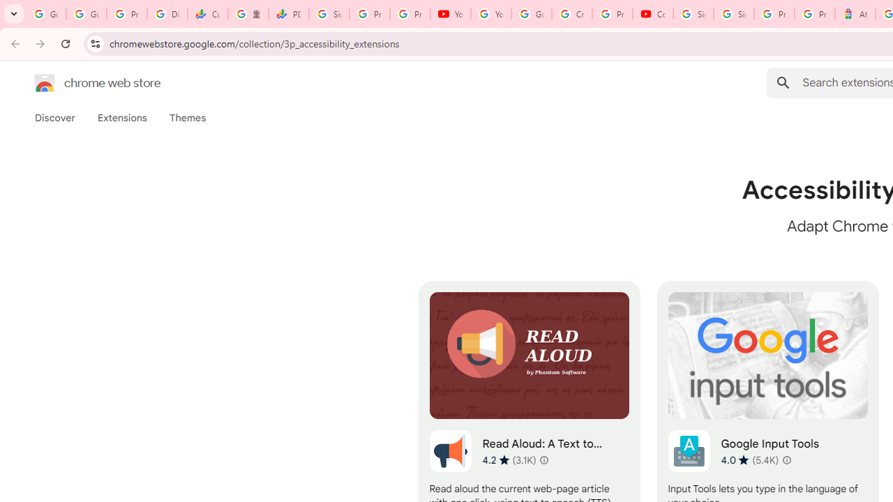 This screenshot has width=893, height=502. I want to click on 'Google Account Help', so click(531, 14).